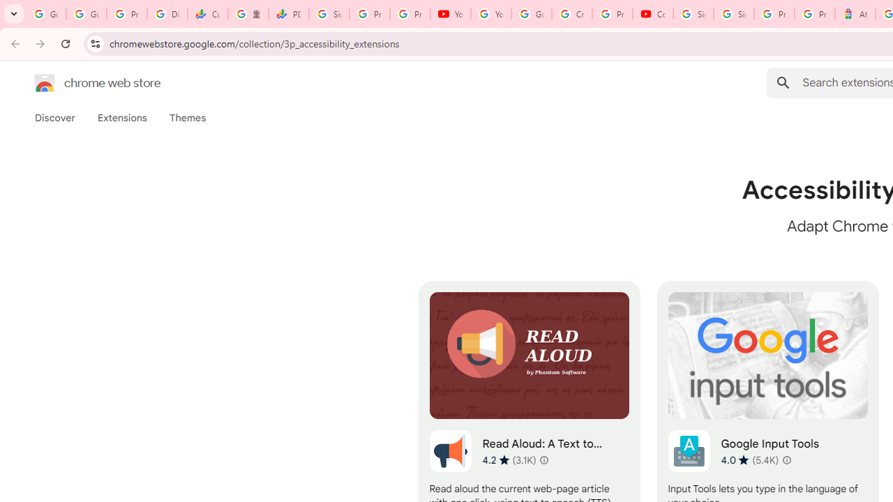 This screenshot has width=893, height=502. I want to click on 'Google Account Help', so click(531, 14).